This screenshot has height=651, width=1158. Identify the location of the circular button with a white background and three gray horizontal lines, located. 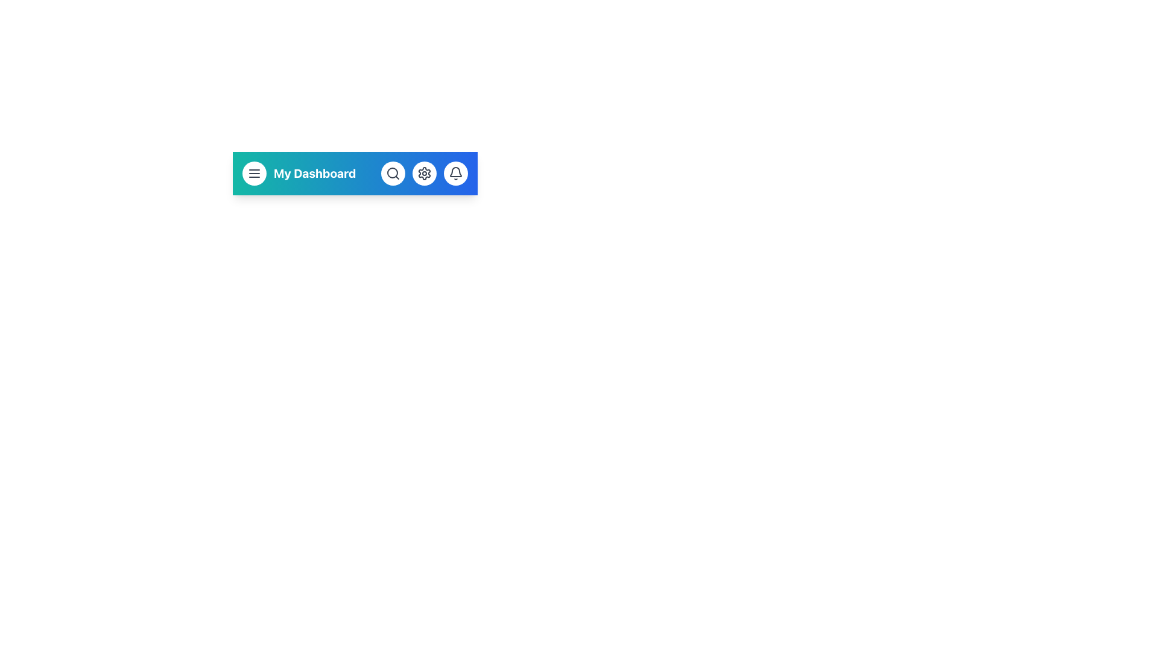
(254, 174).